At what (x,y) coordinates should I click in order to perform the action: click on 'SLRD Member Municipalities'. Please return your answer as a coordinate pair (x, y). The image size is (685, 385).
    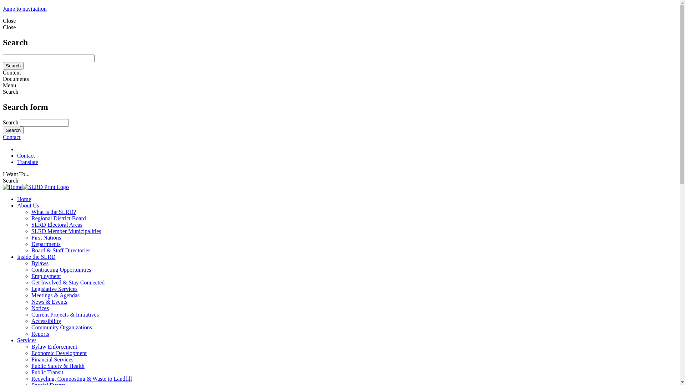
    Looking at the image, I should click on (66, 231).